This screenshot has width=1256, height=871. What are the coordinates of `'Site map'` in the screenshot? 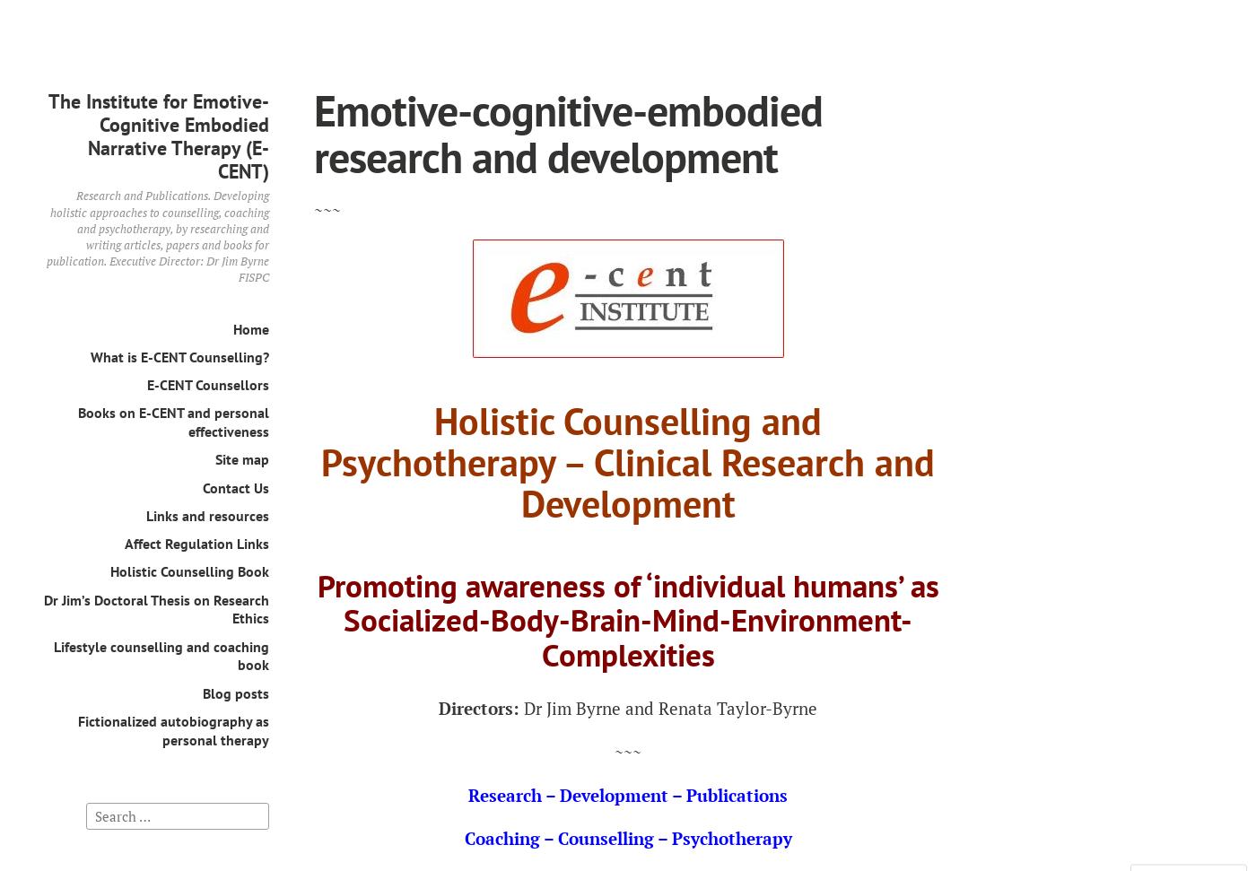 It's located at (242, 458).